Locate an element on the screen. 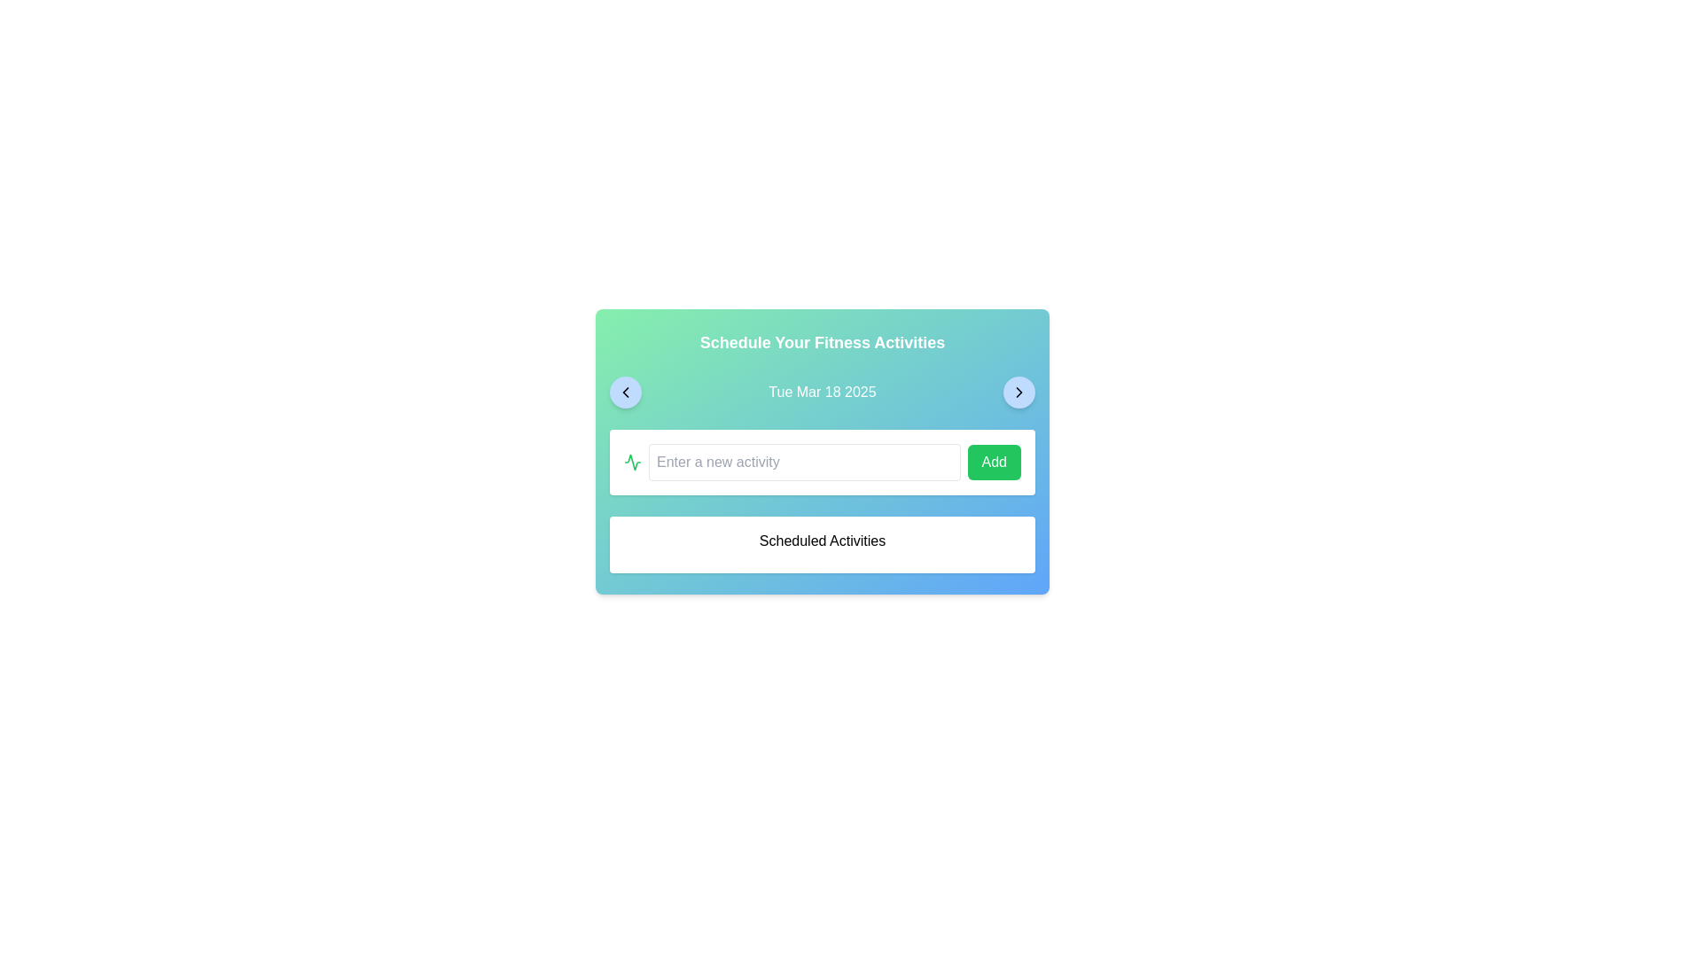  the small icon with a green waveform line and a red circular marker, located within the input field labeled 'Enter a new activity' at the top-left of the interactive card UI is located at coordinates (633, 461).